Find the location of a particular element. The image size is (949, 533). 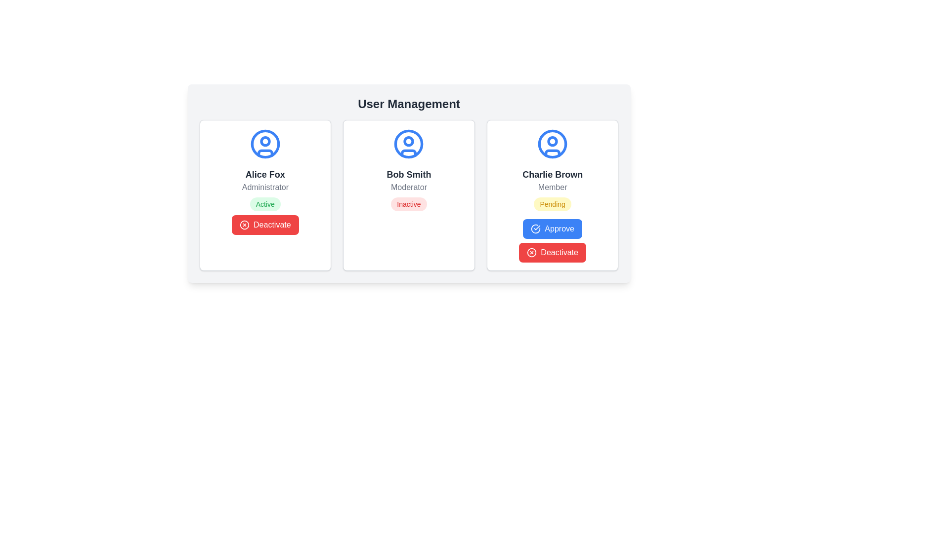

the outermost circular boundary of the 'User' profile icon located in the second card from the left in the 'User Management' interface is located at coordinates (409, 144).